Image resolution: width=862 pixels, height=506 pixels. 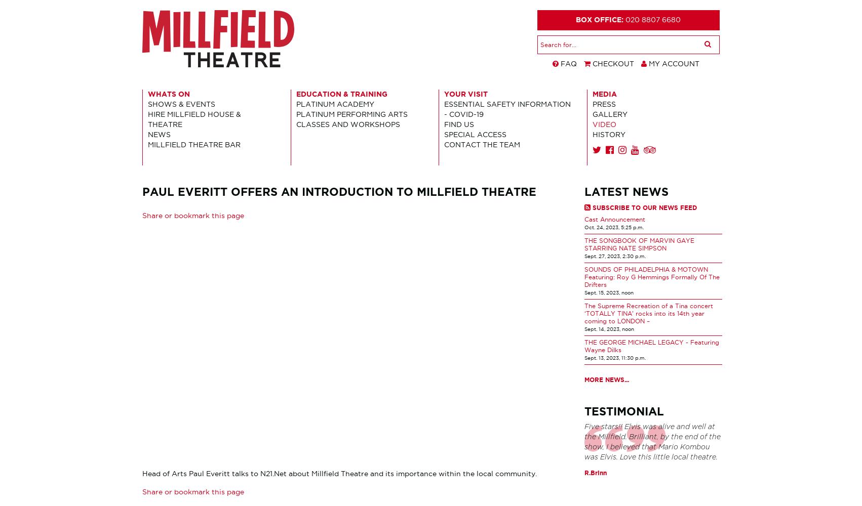 I want to click on 'Cast Announcement', so click(x=614, y=219).